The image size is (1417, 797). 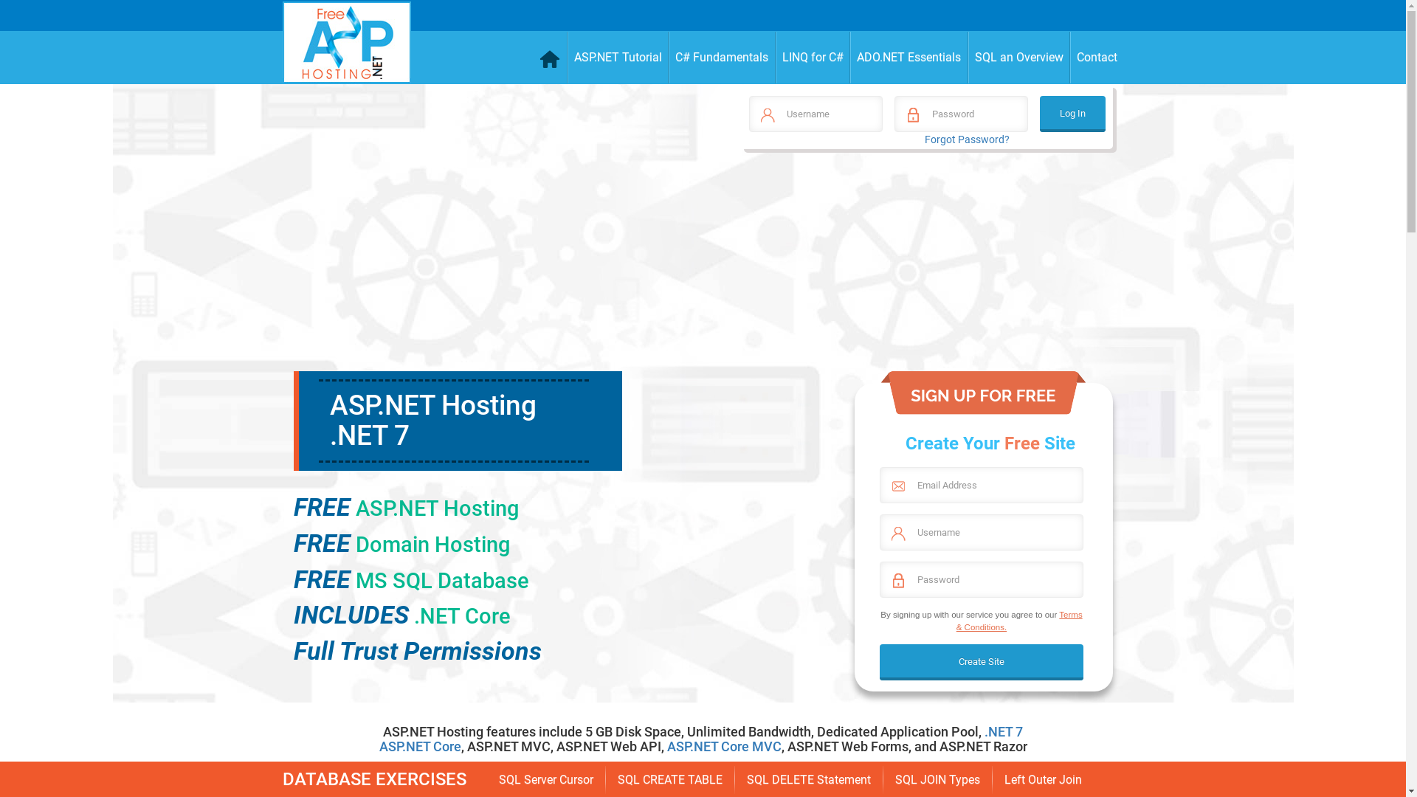 What do you see at coordinates (1097, 56) in the screenshot?
I see `'Contact'` at bounding box center [1097, 56].